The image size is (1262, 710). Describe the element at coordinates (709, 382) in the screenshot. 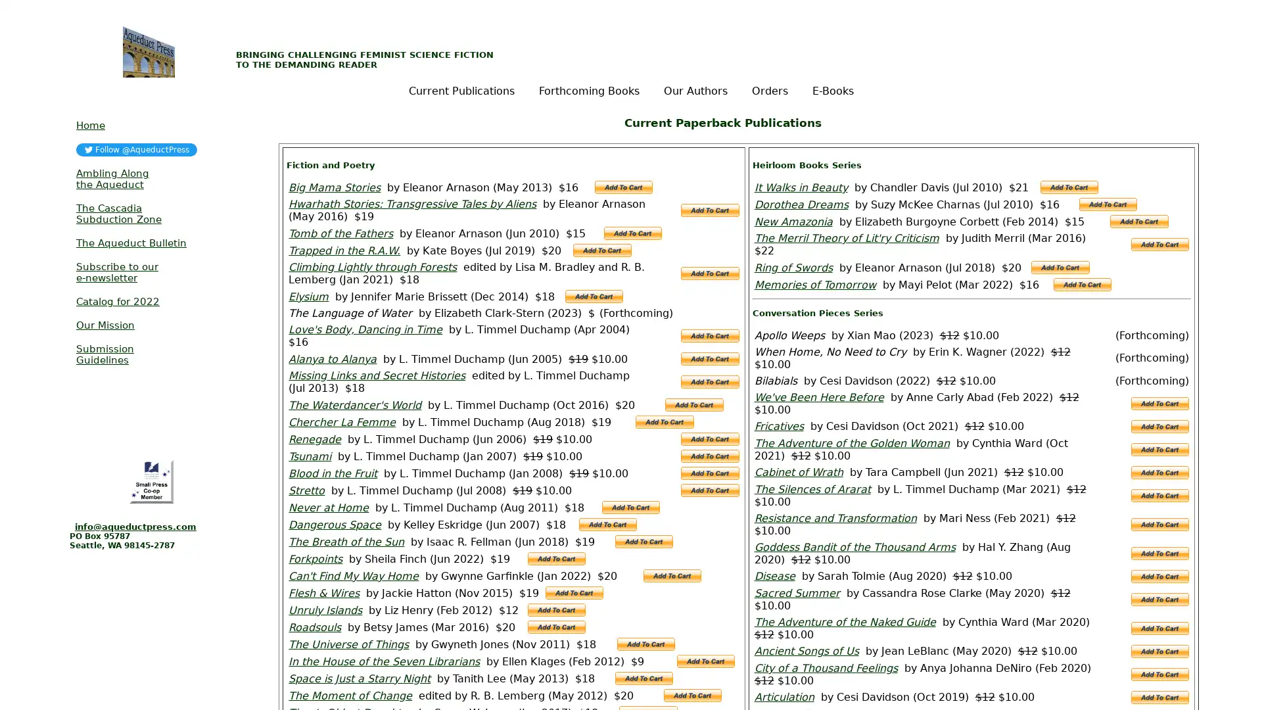

I see `Make payments with PayPal - it\'s fast, free and secure!` at that location.